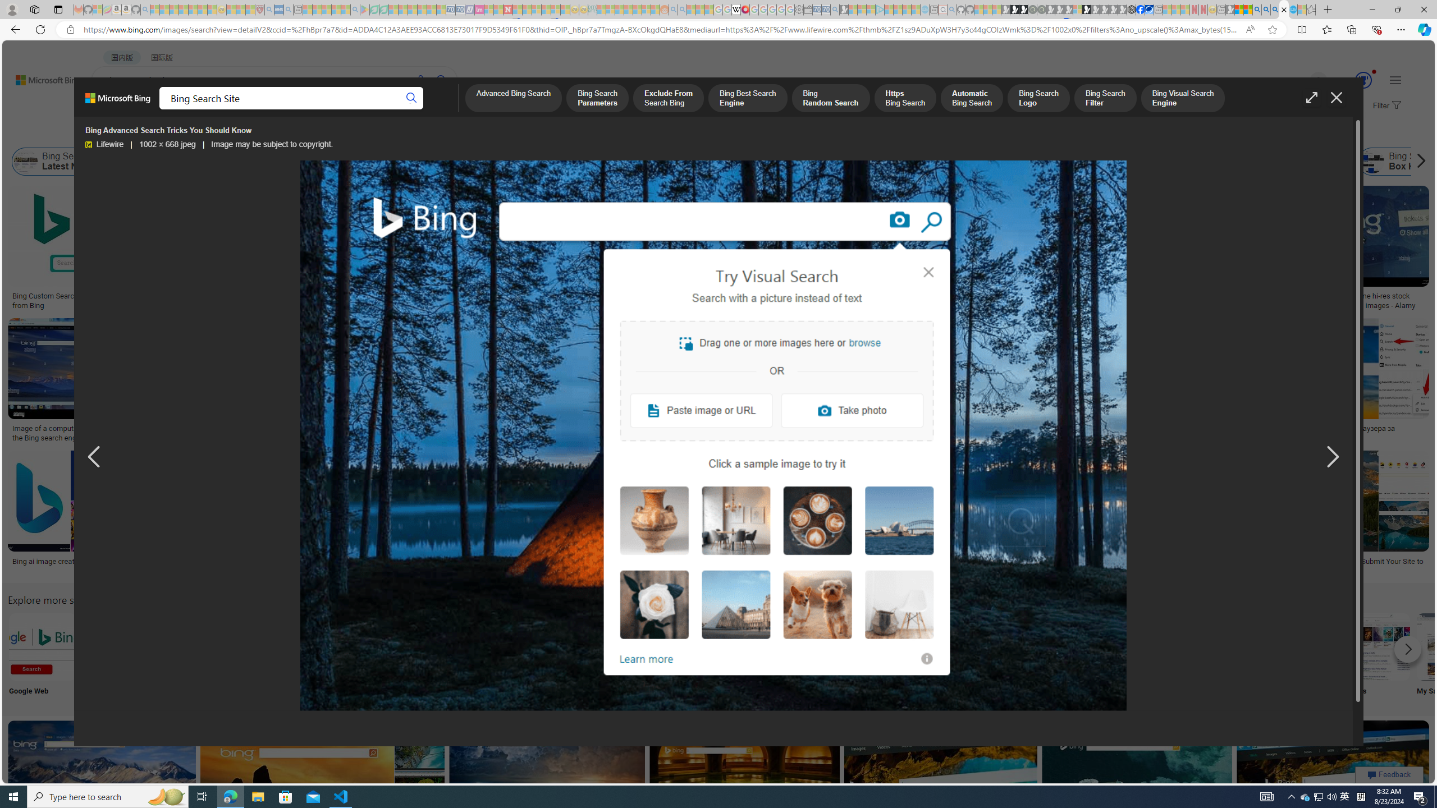 This screenshot has width=1437, height=808. Describe the element at coordinates (1292, 9) in the screenshot. I see `'Services - Maintenance | Sky Blue Bikes - Sky Blue Bikes'` at that location.